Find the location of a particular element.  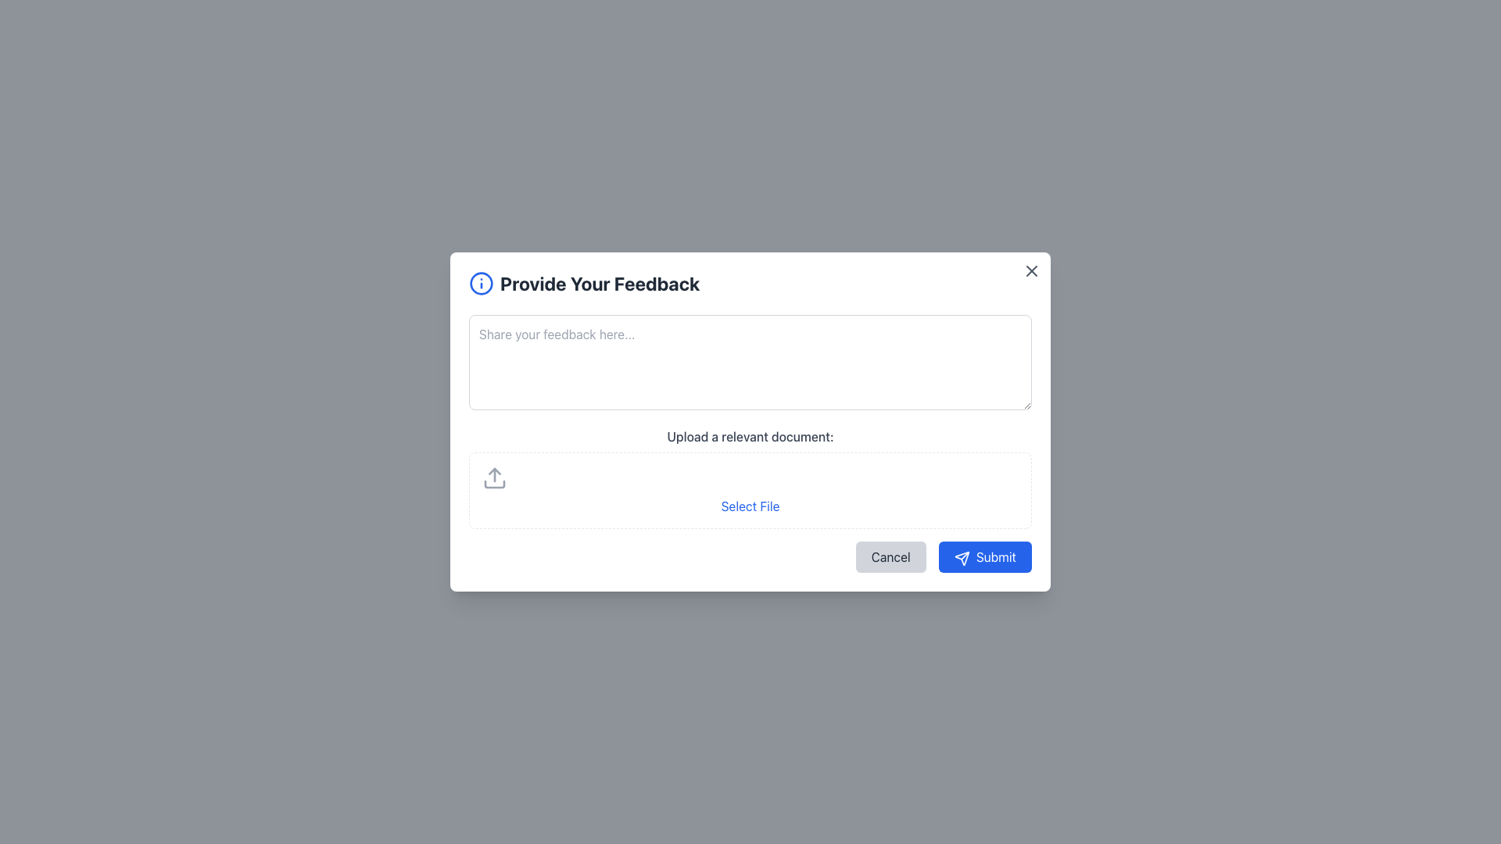

the circular information icon with a blue outline that is located to the left of the title text 'Provide Your Feedback' for more information is located at coordinates (480, 283).